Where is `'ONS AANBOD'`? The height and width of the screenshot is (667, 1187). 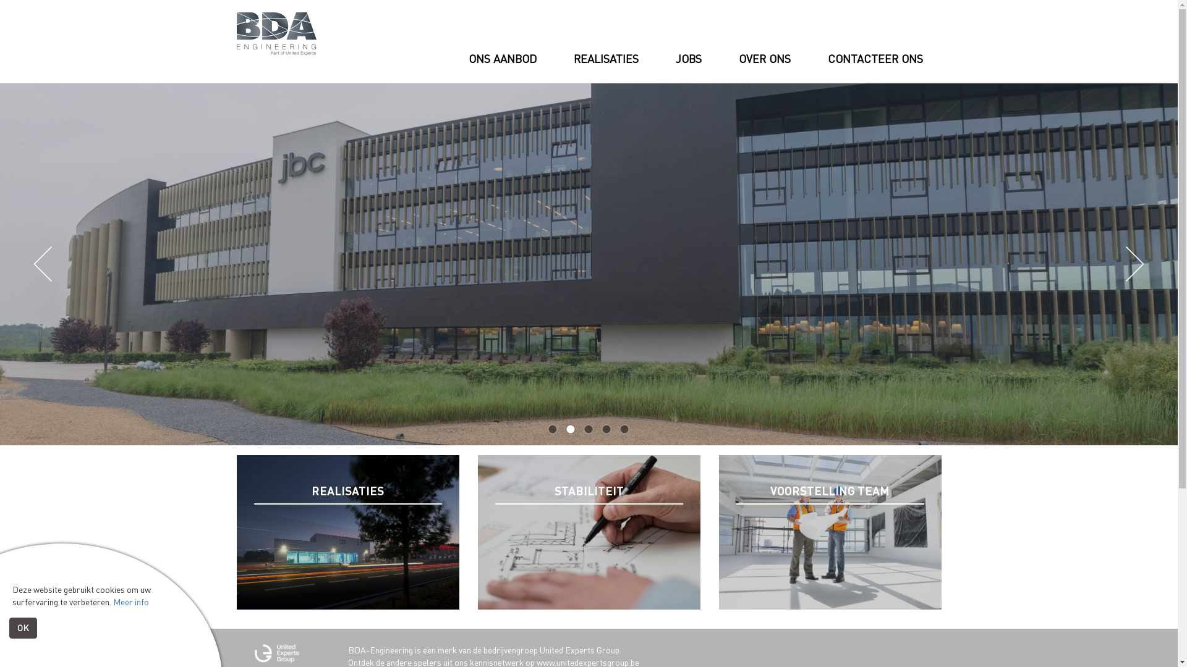
'ONS AANBOD' is located at coordinates (502, 73).